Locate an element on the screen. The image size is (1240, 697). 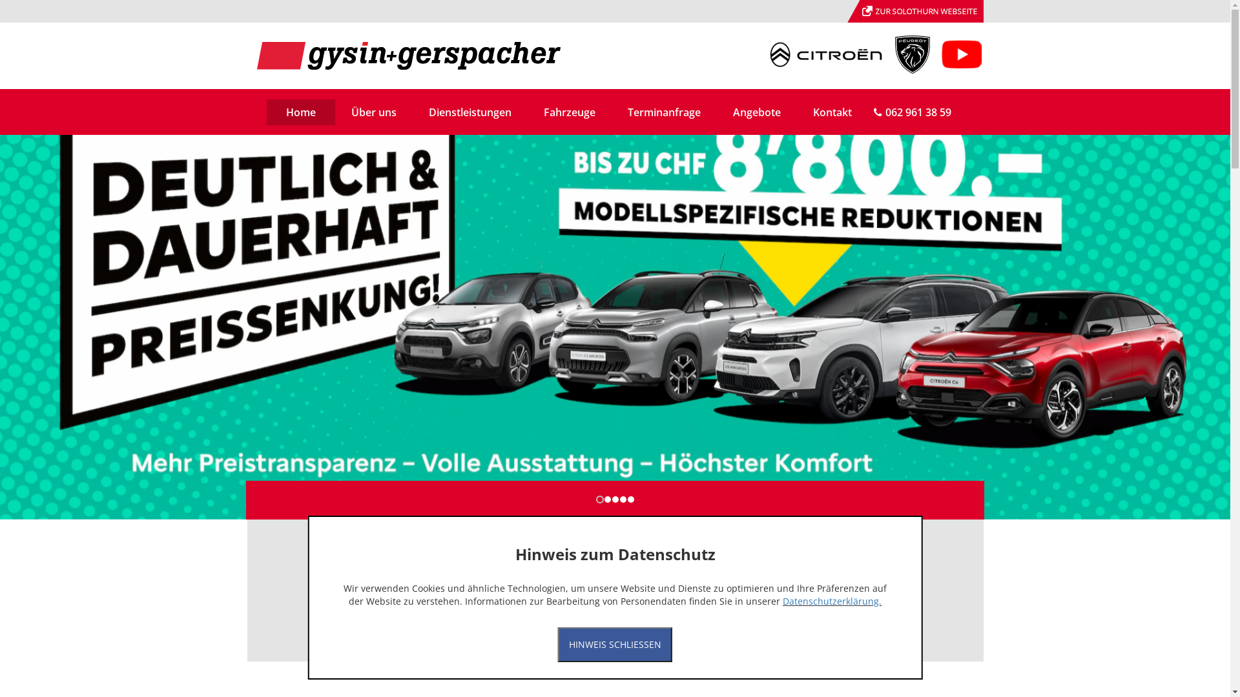
'Terminanfrage' is located at coordinates (663, 111).